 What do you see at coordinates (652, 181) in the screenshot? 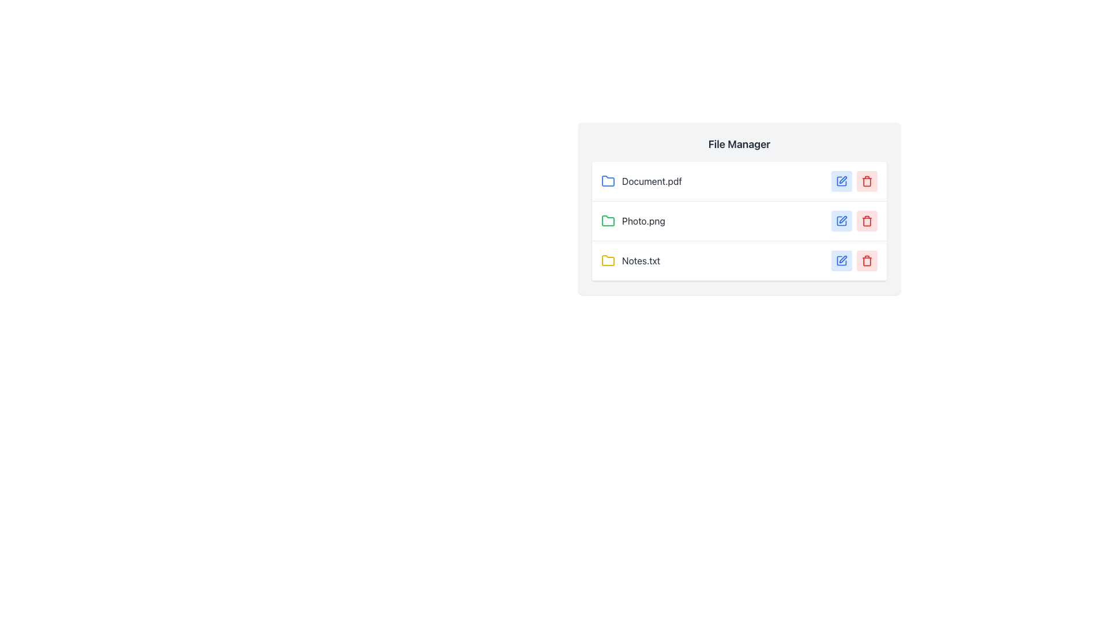
I see `the static text label that identifies the file 'Document.pdf' in the file manager list` at bounding box center [652, 181].